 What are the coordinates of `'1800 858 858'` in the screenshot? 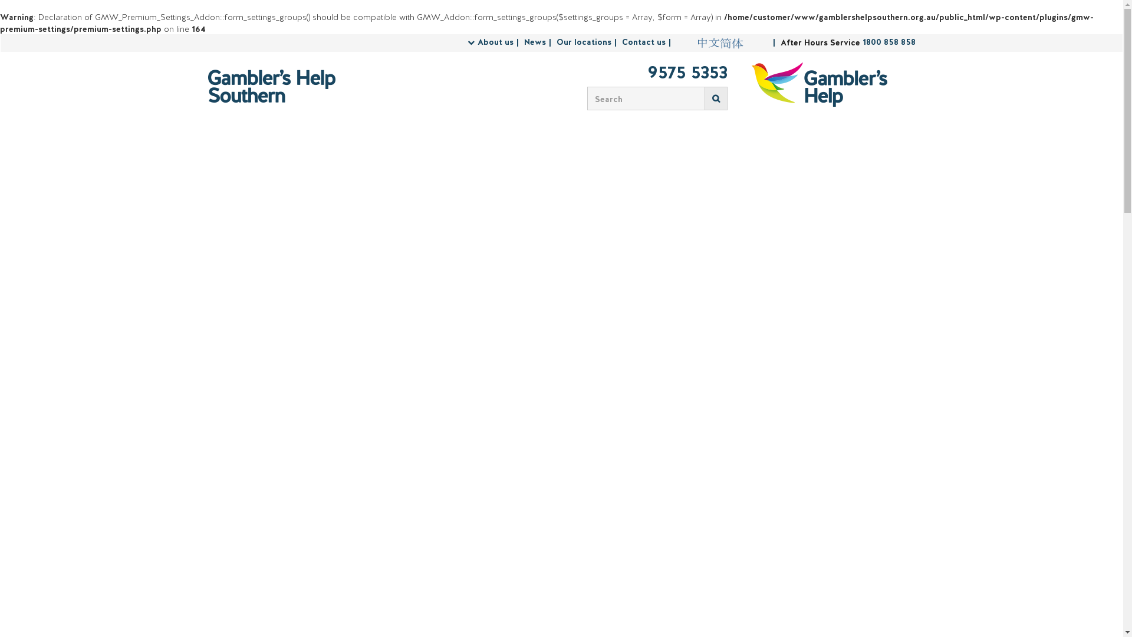 It's located at (862, 42).